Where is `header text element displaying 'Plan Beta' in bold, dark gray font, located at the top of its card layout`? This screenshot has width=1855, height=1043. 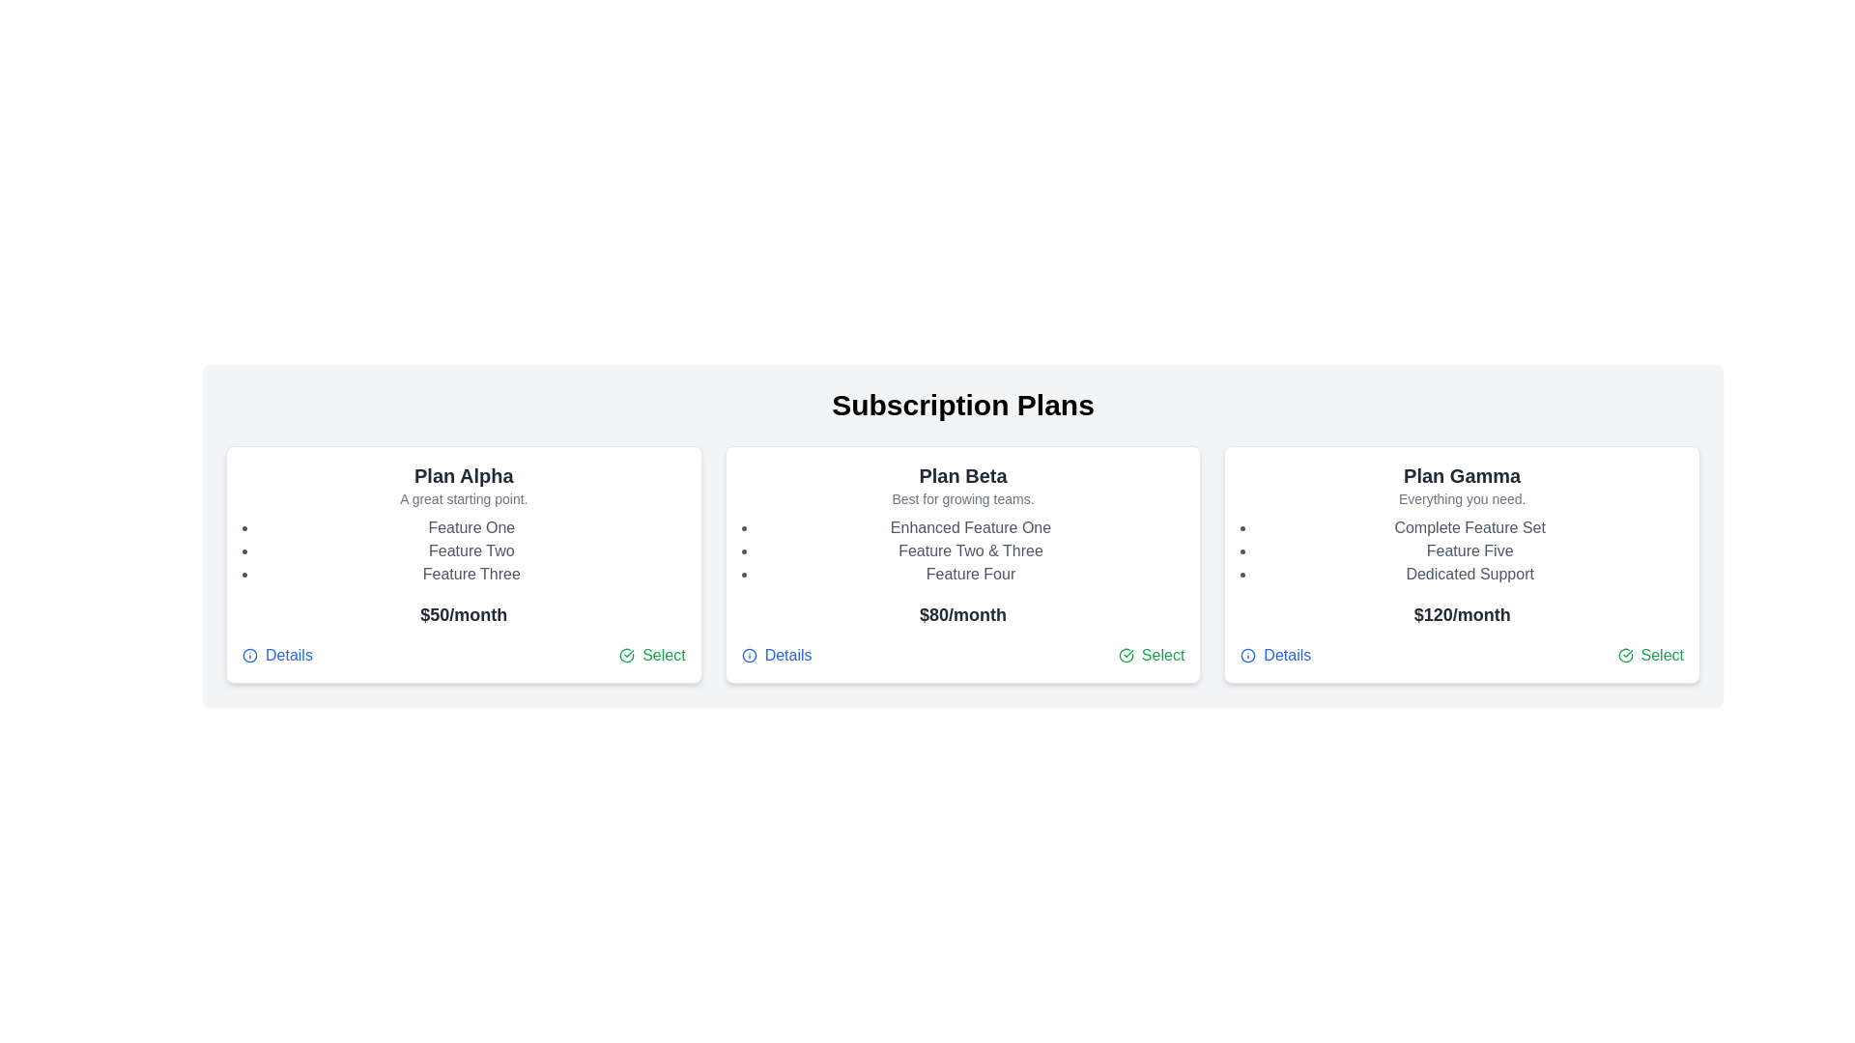
header text element displaying 'Plan Beta' in bold, dark gray font, located at the top of its card layout is located at coordinates (963, 476).